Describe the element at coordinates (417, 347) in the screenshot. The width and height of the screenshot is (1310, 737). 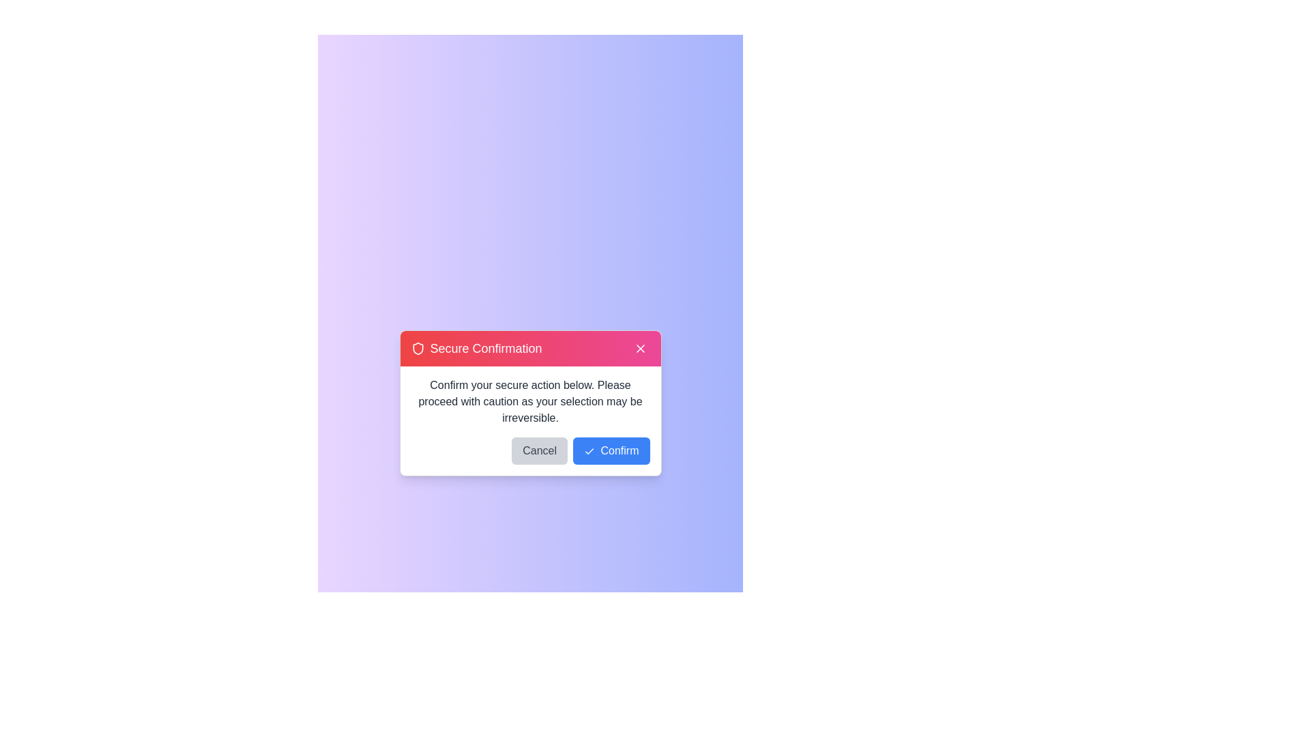
I see `the Vector icon (shield graphic) located on the leftmost side of the red header bar of the secure confirmation popup that precedes the text 'Secure Confirmation'` at that location.